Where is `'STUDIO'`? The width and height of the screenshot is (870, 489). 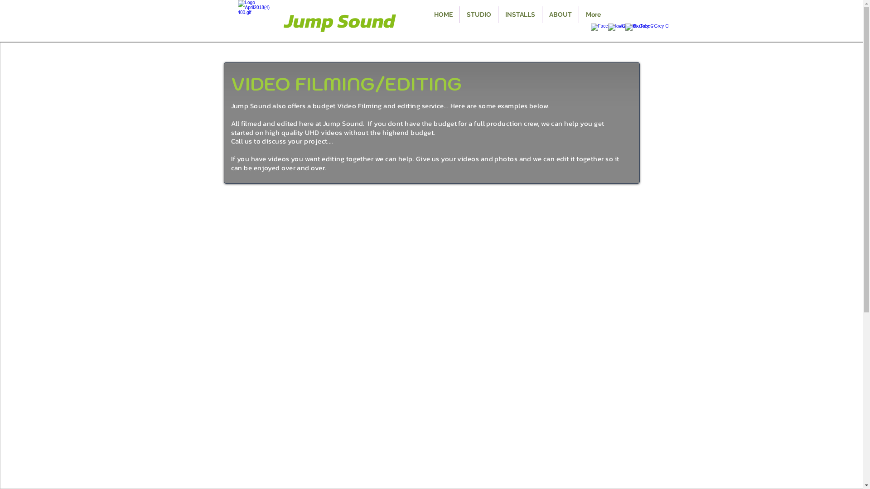 'STUDIO' is located at coordinates (459, 14).